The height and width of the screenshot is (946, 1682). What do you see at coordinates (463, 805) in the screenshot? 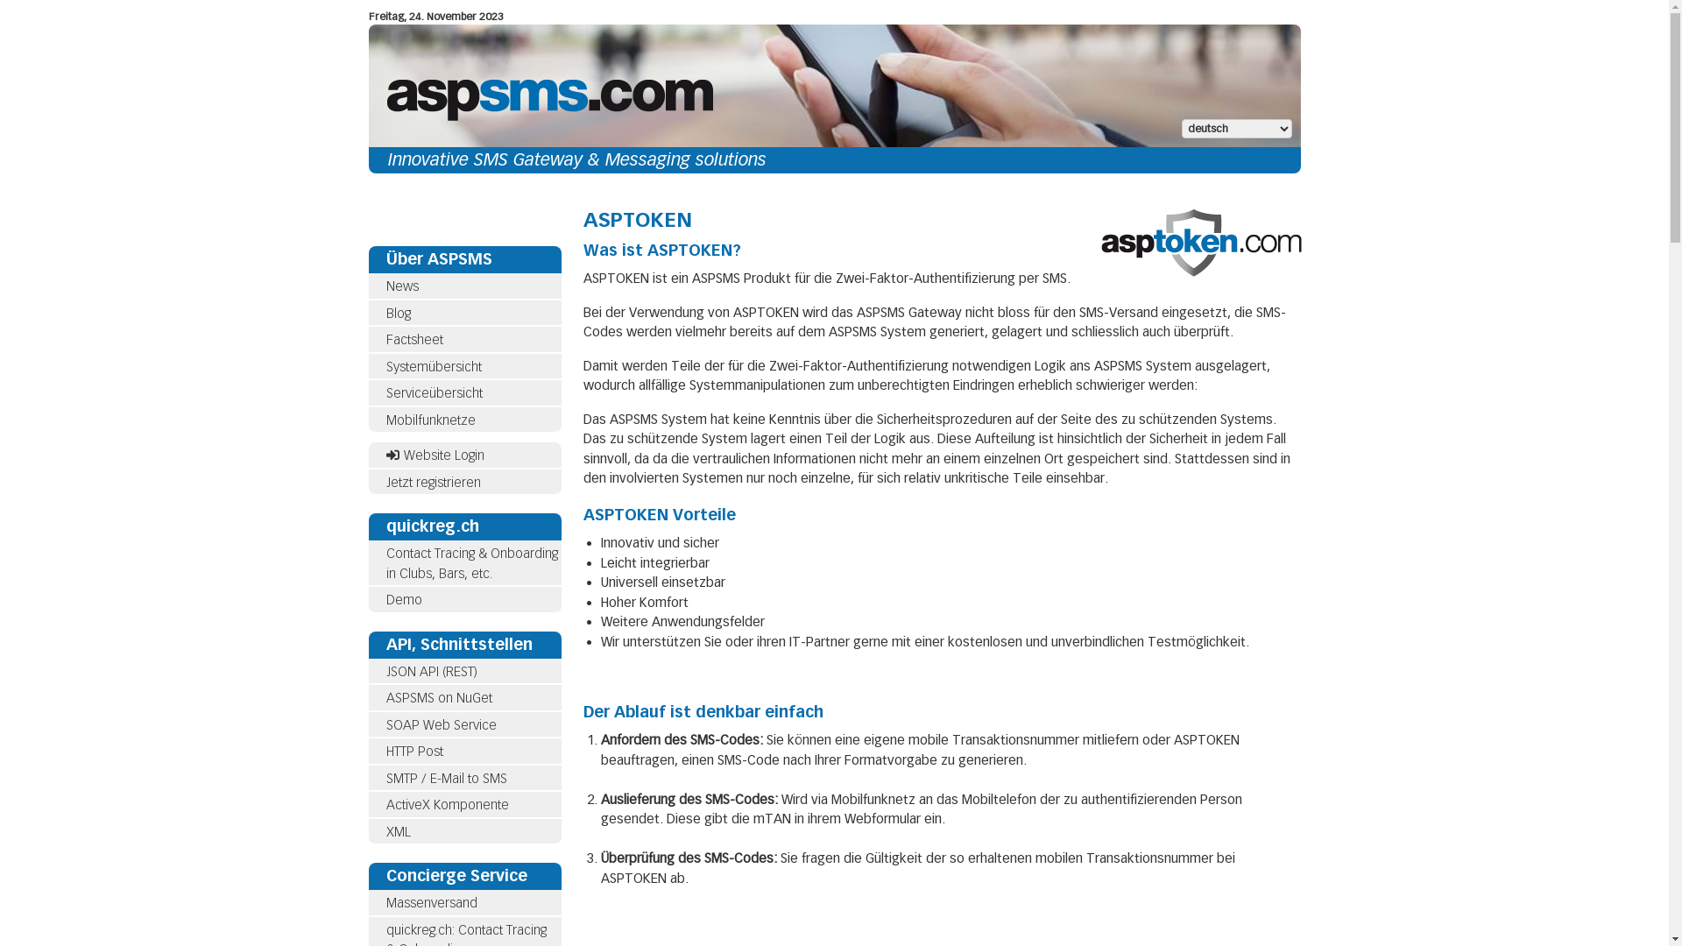
I see `'ActiveX Komponente'` at bounding box center [463, 805].